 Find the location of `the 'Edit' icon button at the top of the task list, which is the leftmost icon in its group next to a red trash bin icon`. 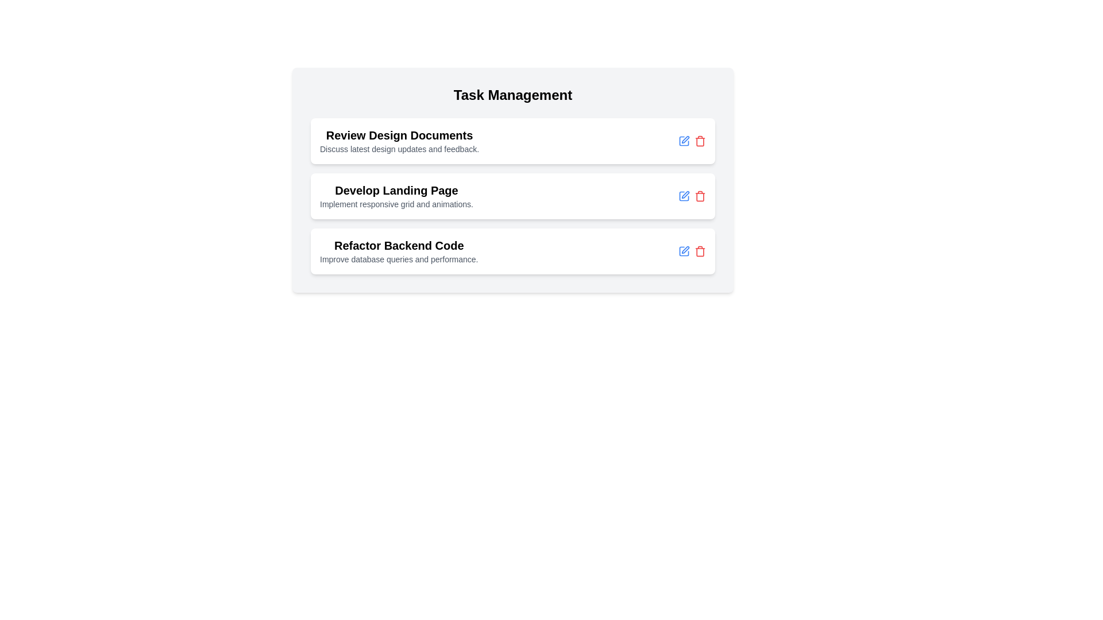

the 'Edit' icon button at the top of the task list, which is the leftmost icon in its group next to a red trash bin icon is located at coordinates (684, 141).